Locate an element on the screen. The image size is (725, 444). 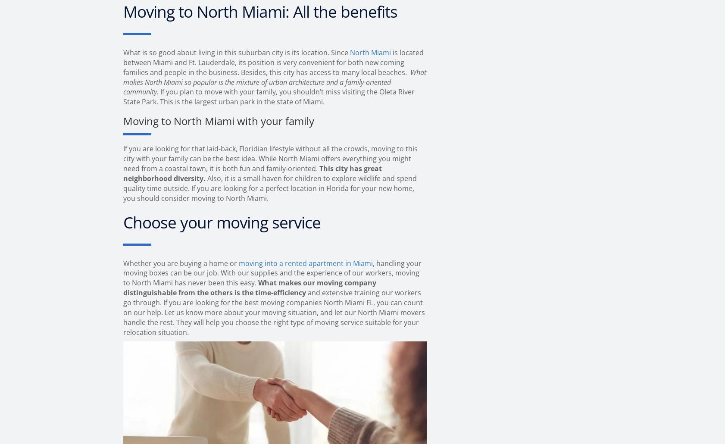
'North Miami' is located at coordinates (371, 52).